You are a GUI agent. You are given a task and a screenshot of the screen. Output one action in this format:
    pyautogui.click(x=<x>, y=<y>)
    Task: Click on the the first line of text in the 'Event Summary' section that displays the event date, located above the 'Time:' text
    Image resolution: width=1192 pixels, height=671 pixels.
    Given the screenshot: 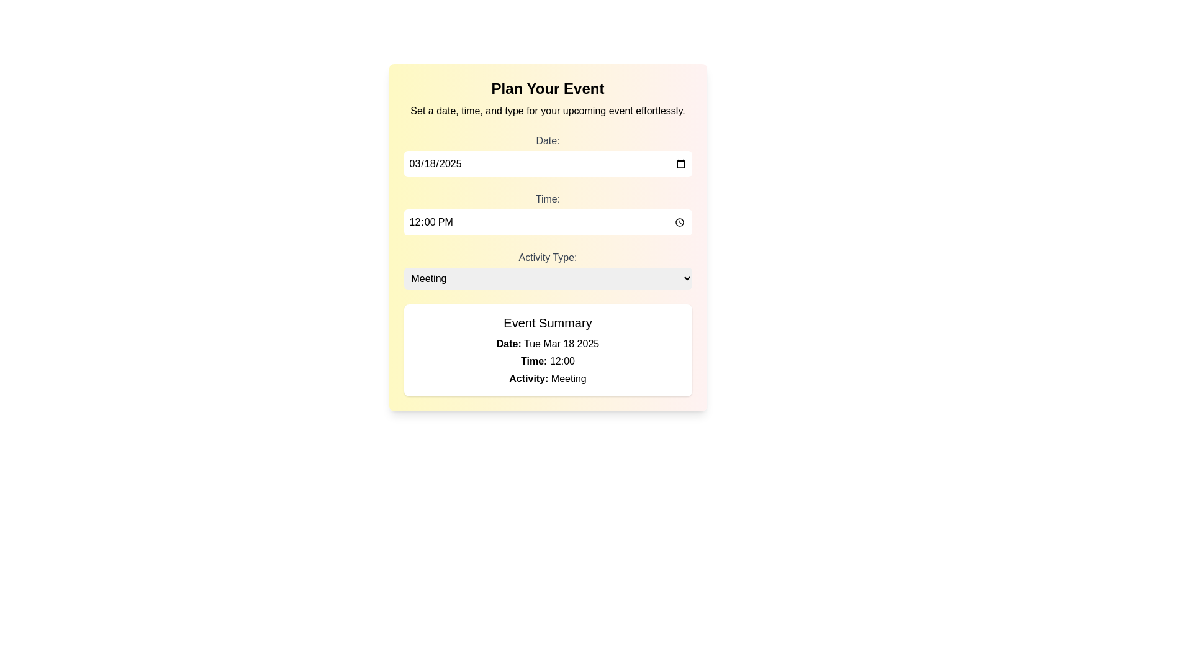 What is the action you would take?
    pyautogui.click(x=547, y=344)
    